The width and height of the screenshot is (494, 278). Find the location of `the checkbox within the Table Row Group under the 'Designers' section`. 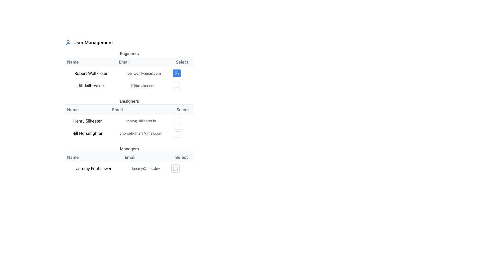

the checkbox within the Table Row Group under the 'Designers' section is located at coordinates (129, 127).